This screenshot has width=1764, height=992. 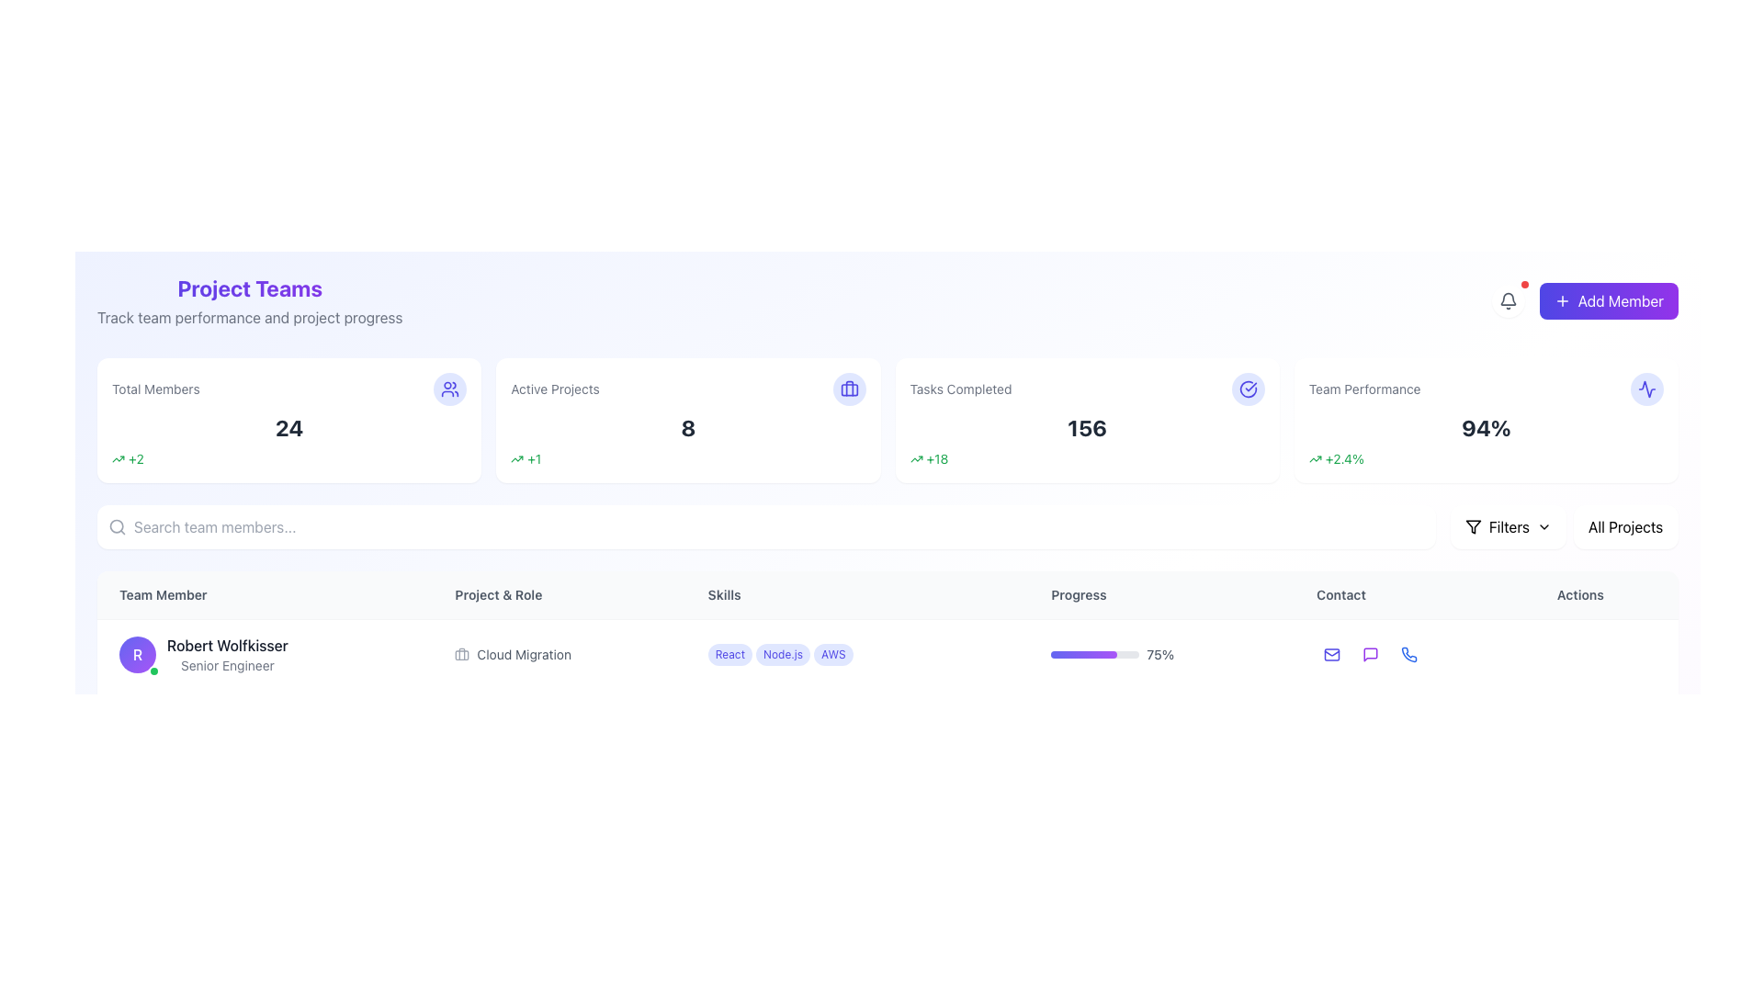 What do you see at coordinates (1508, 527) in the screenshot?
I see `the 'Filters' button, which is a rounded rectangle with a white background and a filter icon, located towards the right side of the interface` at bounding box center [1508, 527].